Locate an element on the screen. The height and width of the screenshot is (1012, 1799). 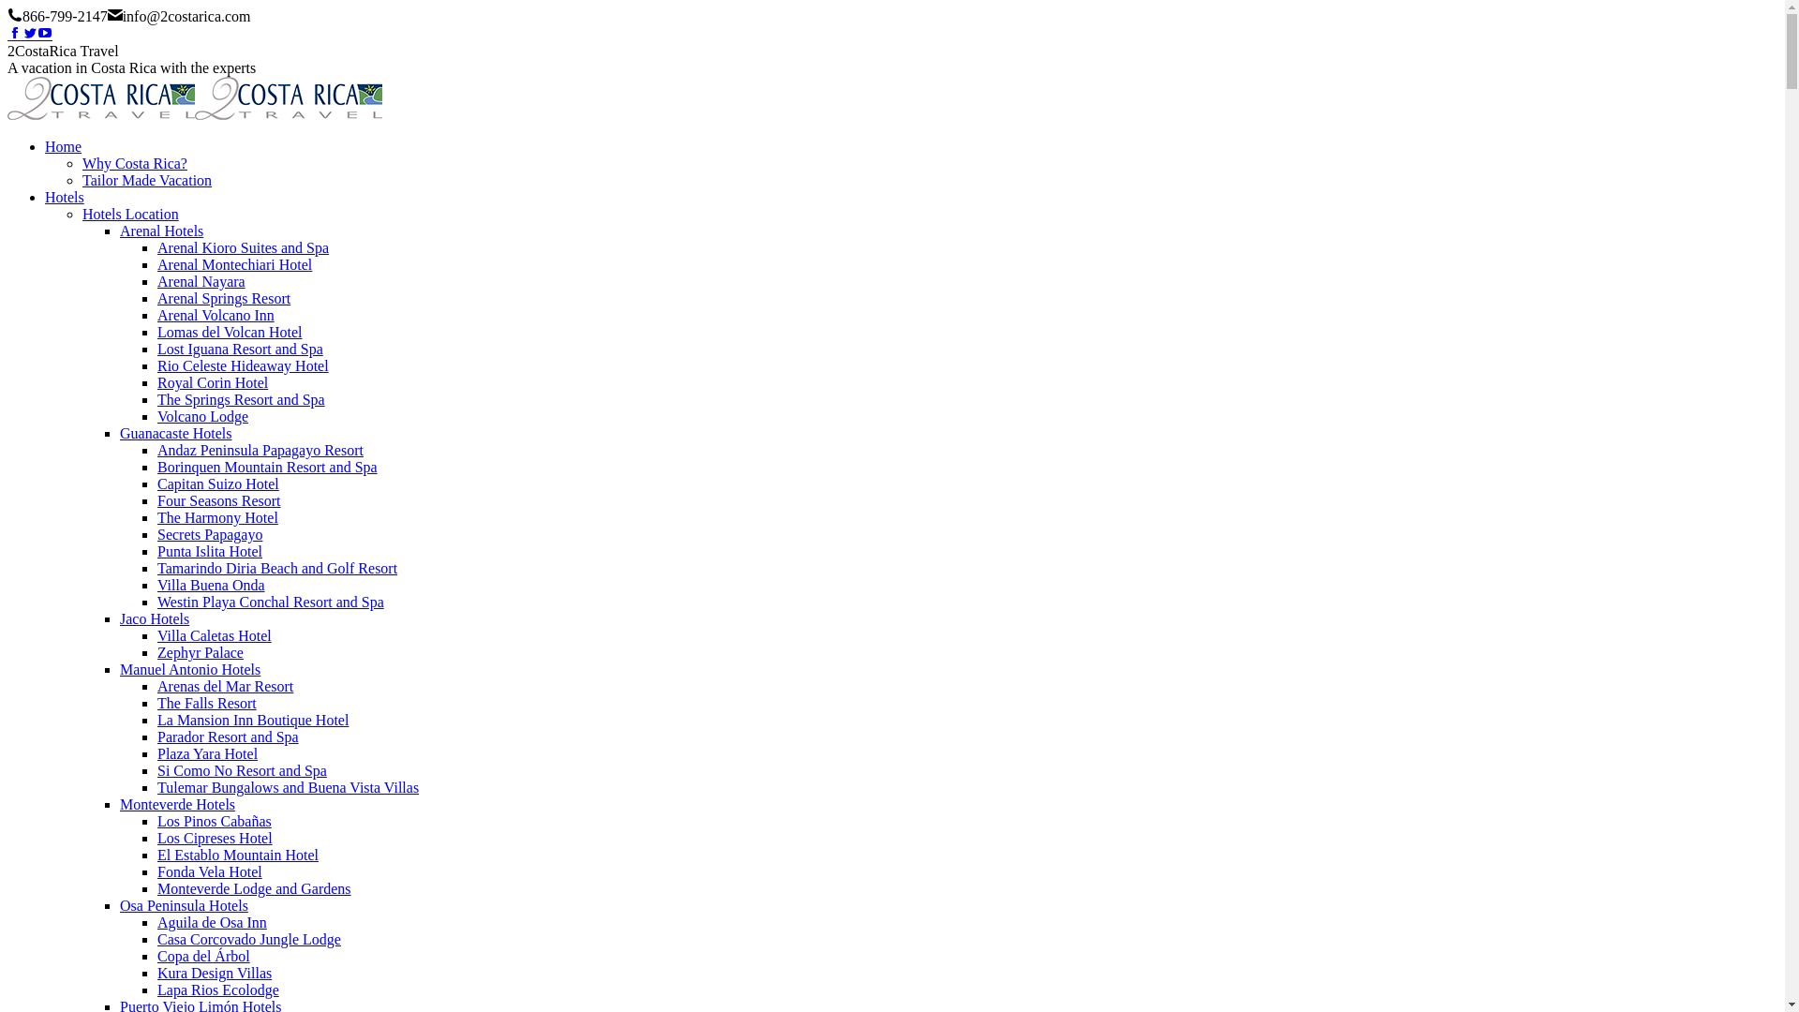
'Arenal Springs Resort' is located at coordinates (224, 297).